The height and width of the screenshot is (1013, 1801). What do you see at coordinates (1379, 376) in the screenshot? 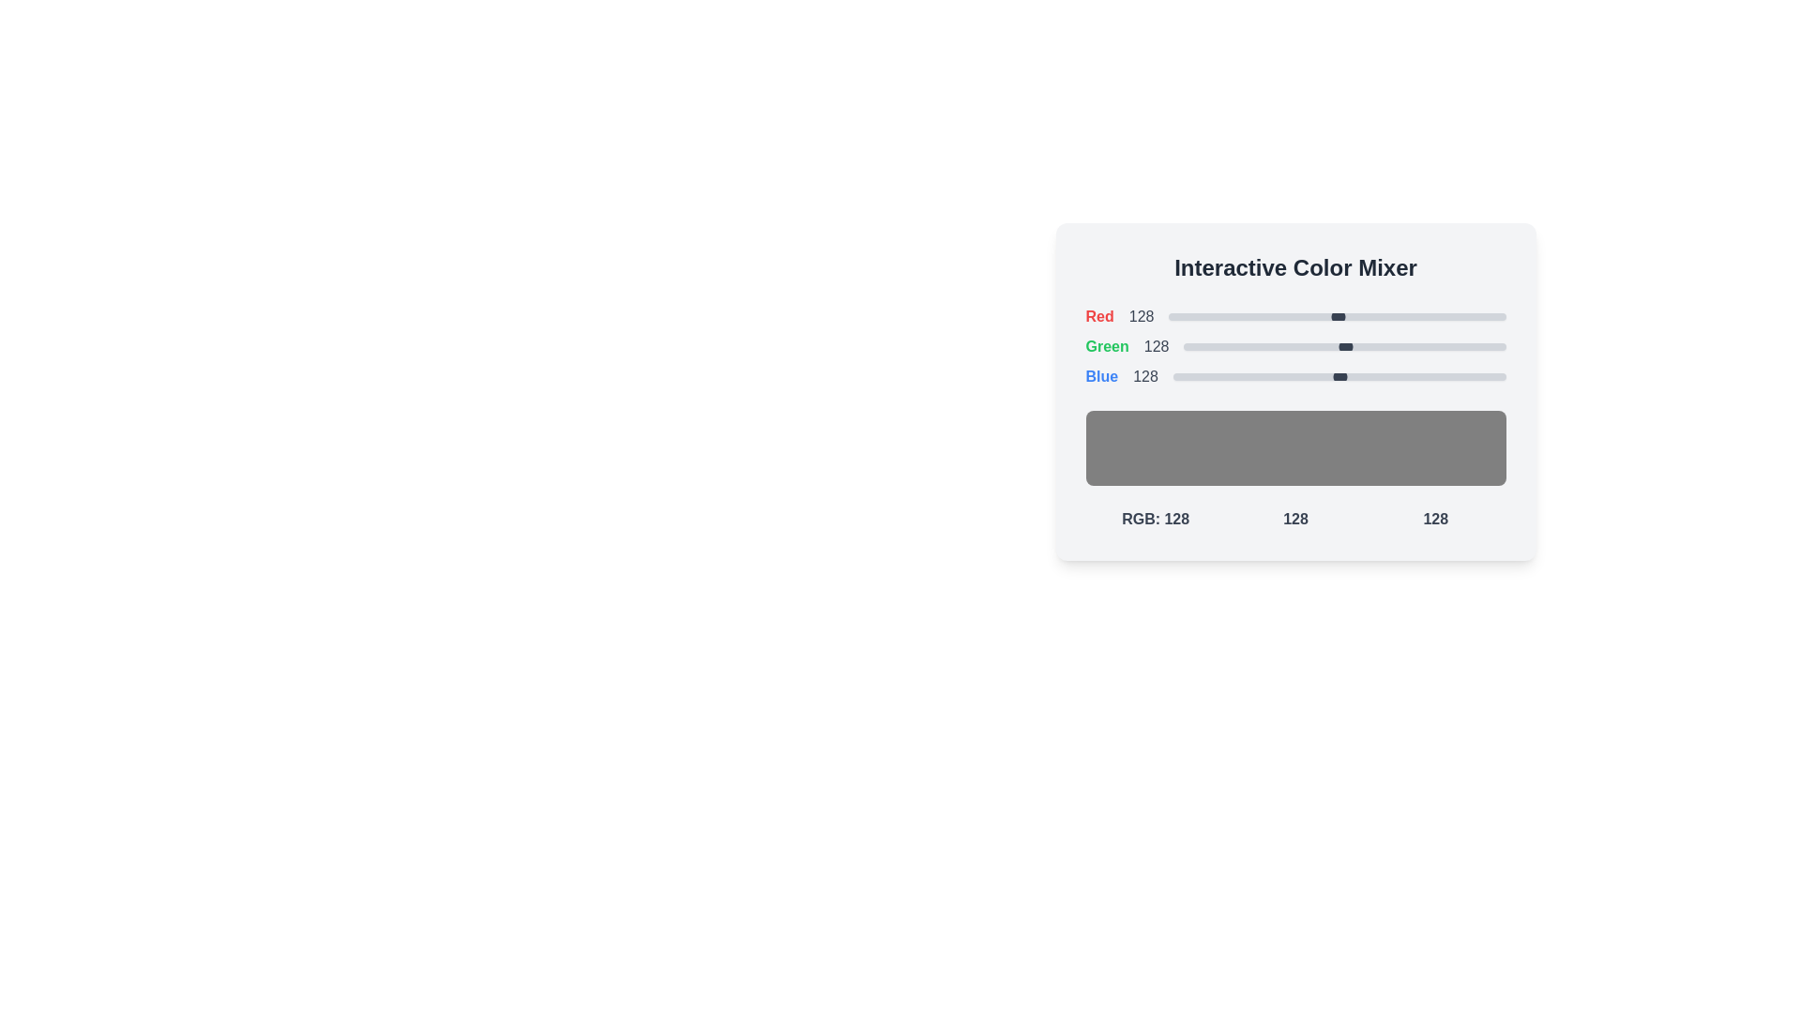
I see `the blue value` at bounding box center [1379, 376].